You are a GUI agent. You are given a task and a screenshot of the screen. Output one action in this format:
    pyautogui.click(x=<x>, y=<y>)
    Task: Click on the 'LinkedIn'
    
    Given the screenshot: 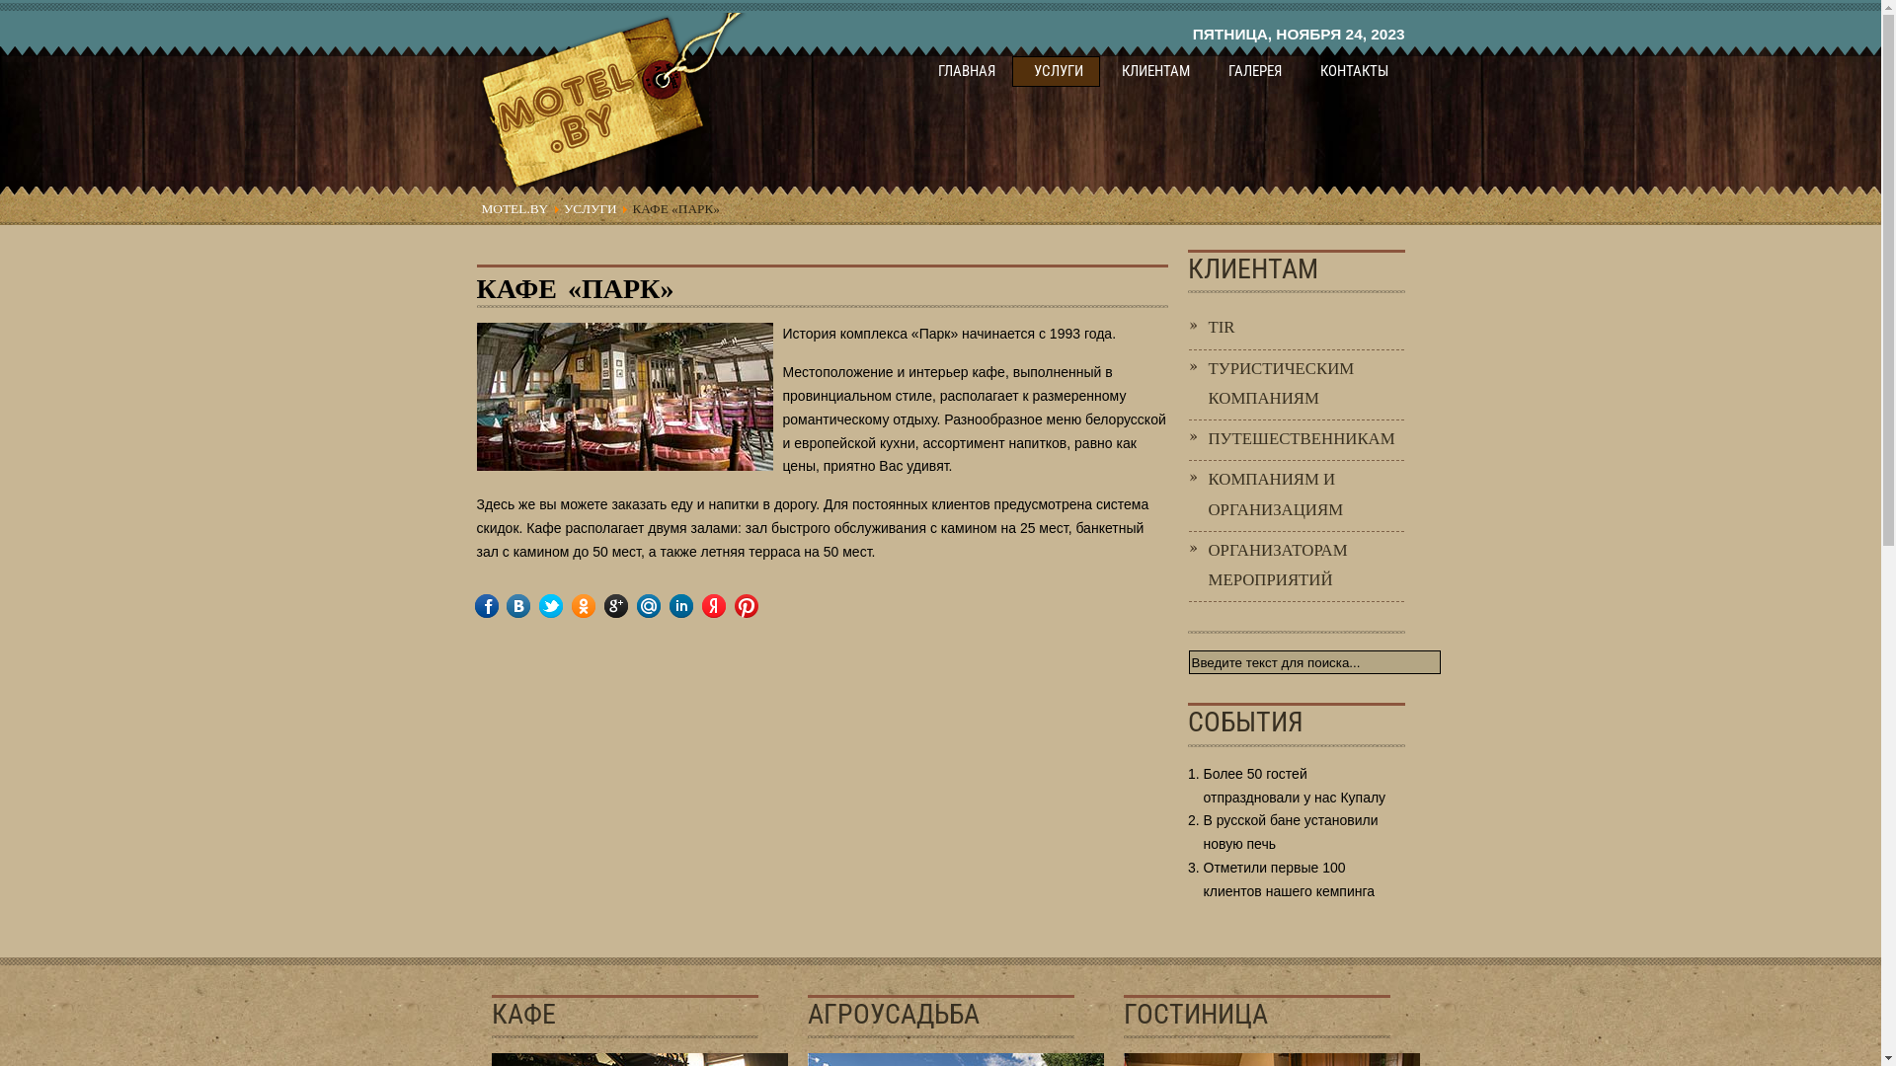 What is the action you would take?
    pyautogui.click(x=695, y=604)
    